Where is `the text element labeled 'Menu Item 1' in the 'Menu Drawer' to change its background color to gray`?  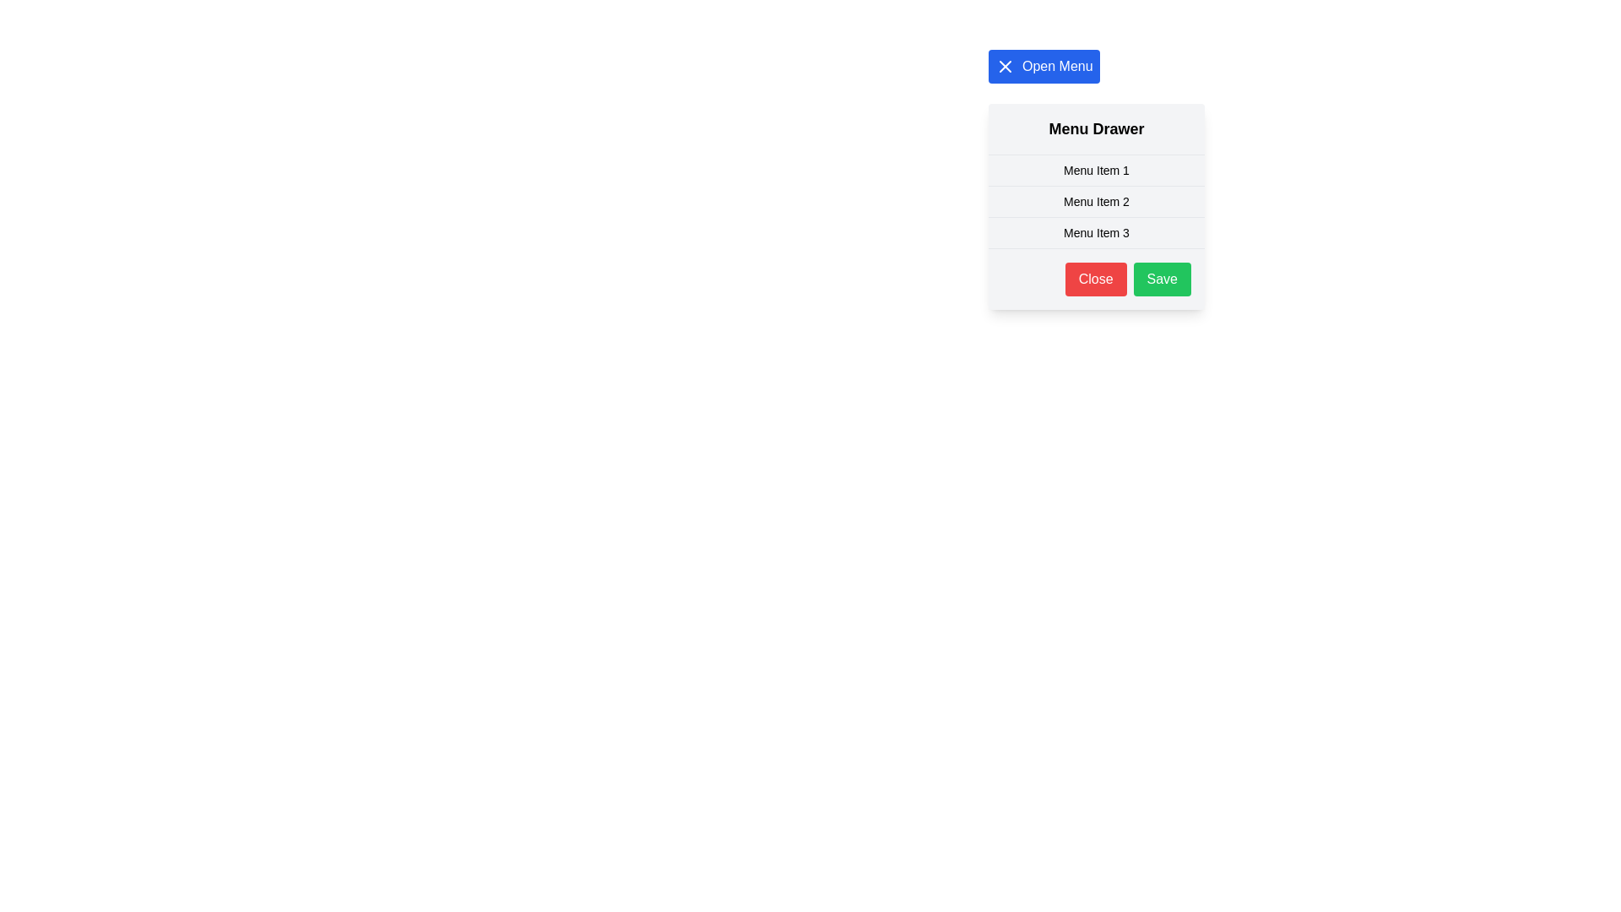
the text element labeled 'Menu Item 1' in the 'Menu Drawer' to change its background color to gray is located at coordinates (1097, 171).